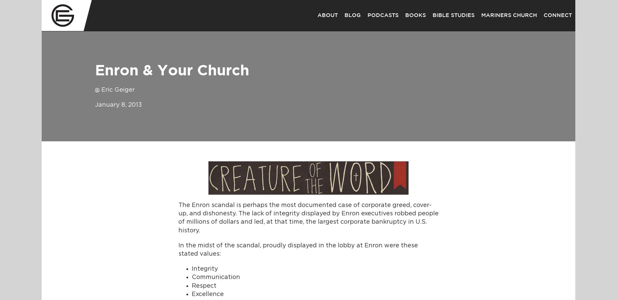  What do you see at coordinates (415, 15) in the screenshot?
I see `'Books'` at bounding box center [415, 15].